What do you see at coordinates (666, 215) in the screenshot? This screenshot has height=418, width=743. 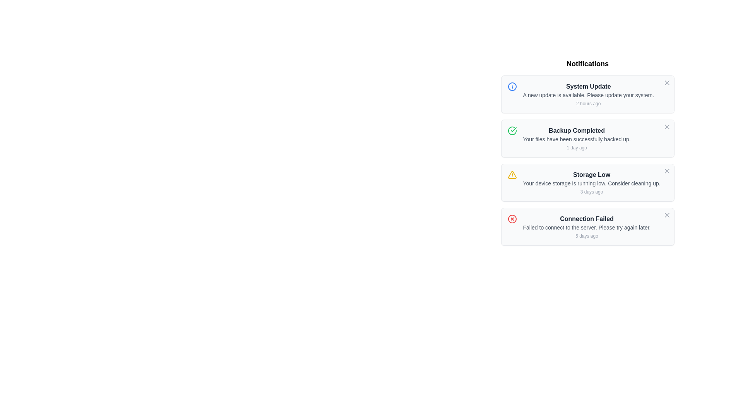 I see `the close button located at the top-right corner of the 'Connection Failed' notification card` at bounding box center [666, 215].